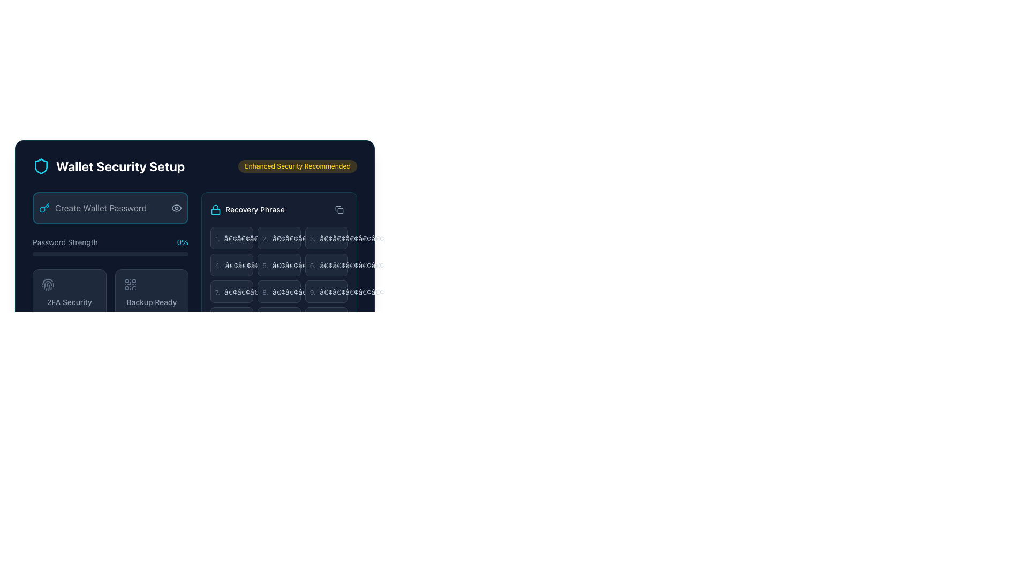 This screenshot has width=1028, height=578. I want to click on the text label displaying the numeral '8.' in slate color, positioned to the left of the dot pattern ('•••••'), so click(265, 292).